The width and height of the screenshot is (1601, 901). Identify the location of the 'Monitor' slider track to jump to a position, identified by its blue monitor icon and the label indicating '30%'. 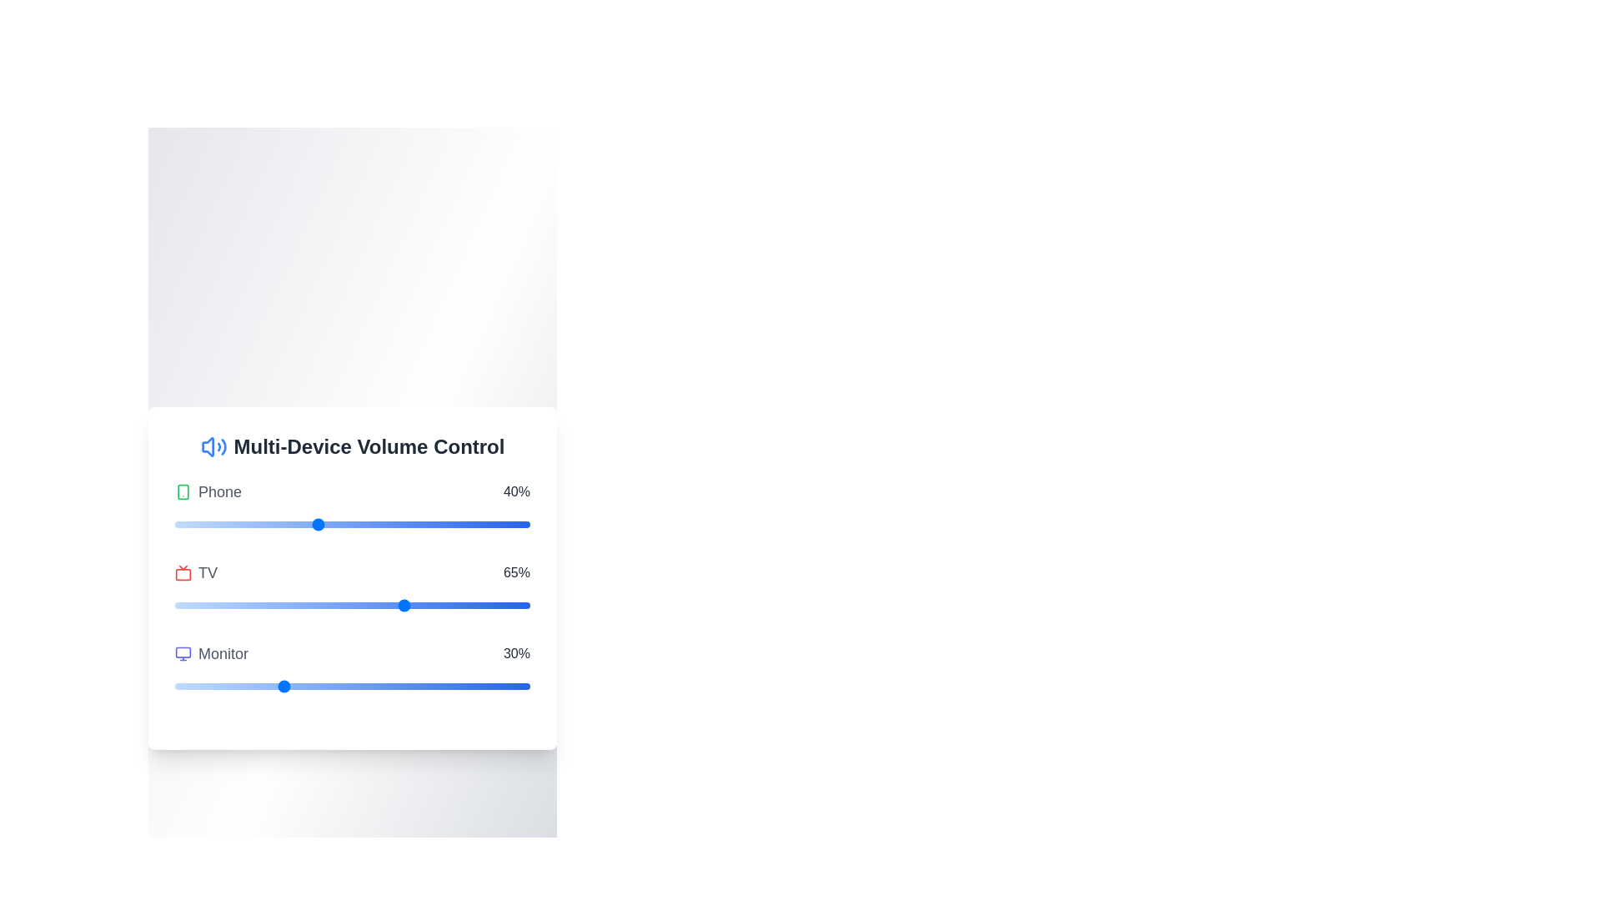
(351, 668).